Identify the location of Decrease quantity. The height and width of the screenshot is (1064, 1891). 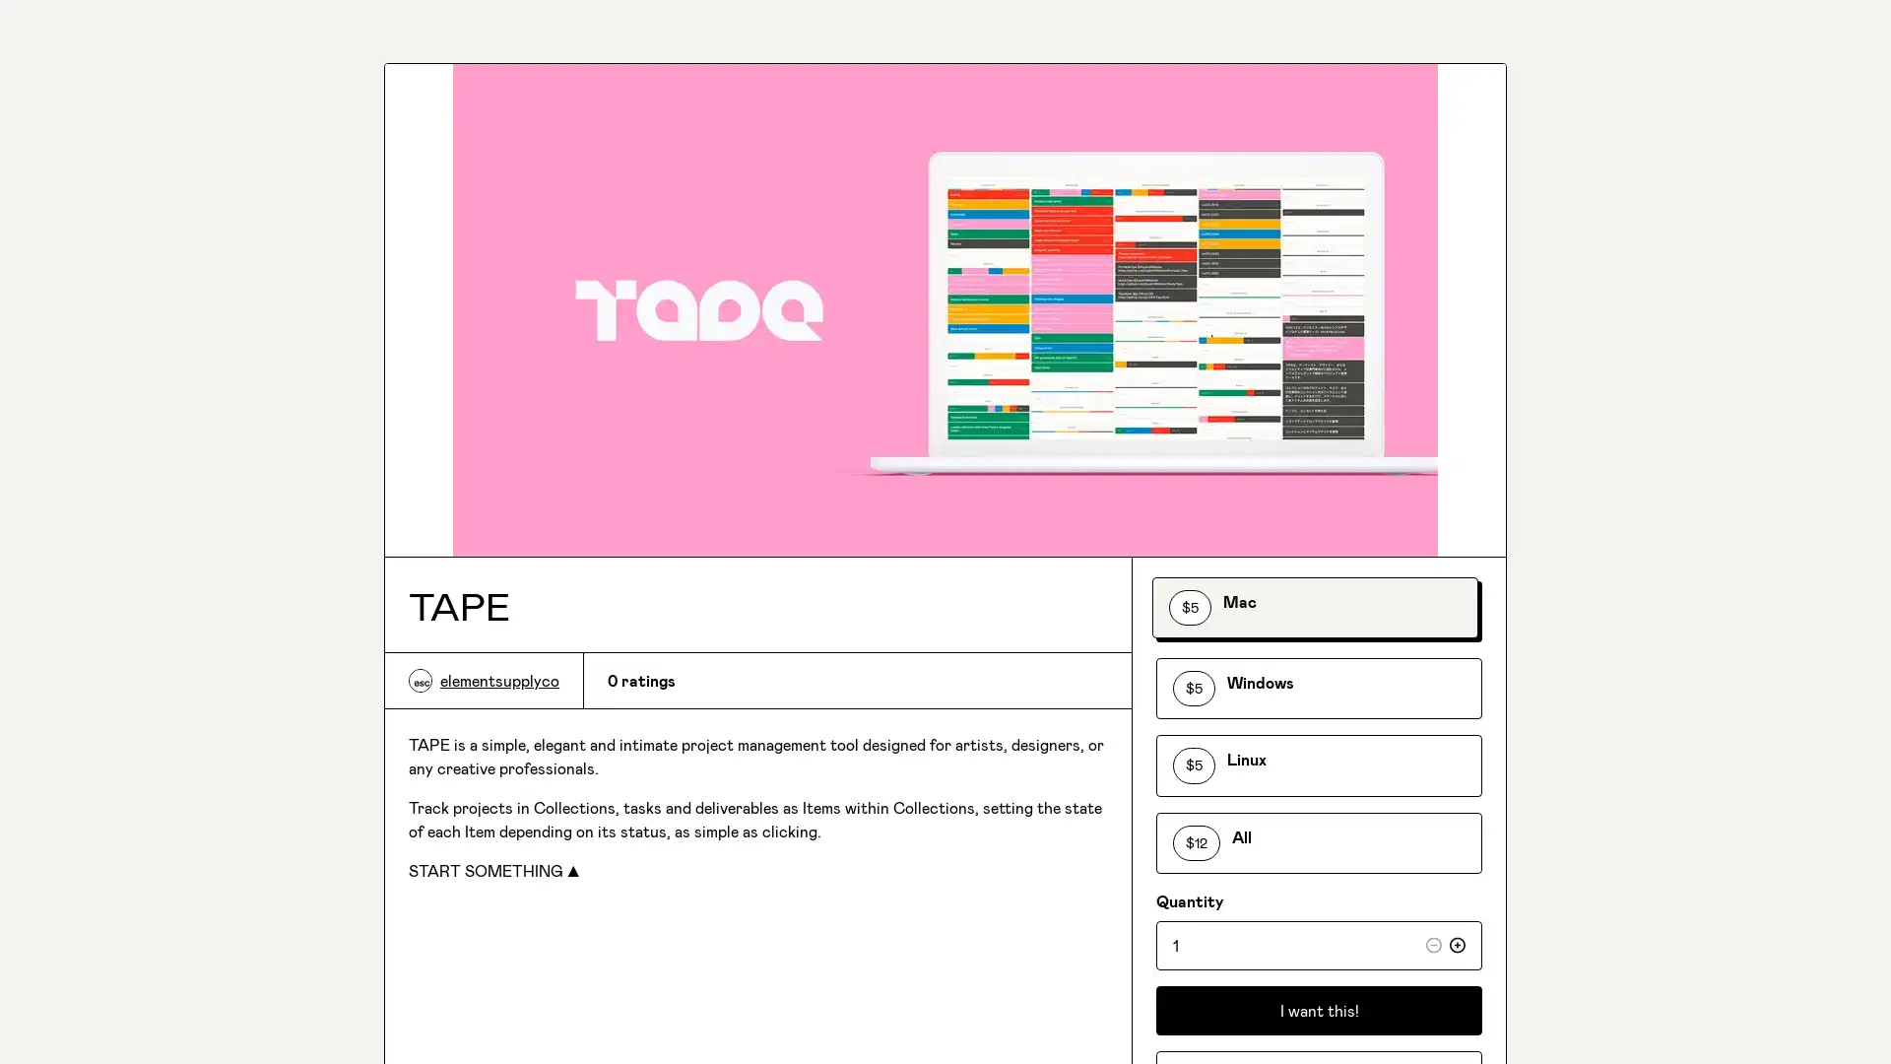
(1433, 944).